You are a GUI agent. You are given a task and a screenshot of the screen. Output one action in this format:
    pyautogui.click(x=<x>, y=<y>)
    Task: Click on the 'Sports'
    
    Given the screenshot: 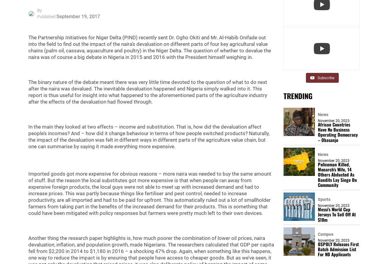 What is the action you would take?
    pyautogui.click(x=324, y=199)
    